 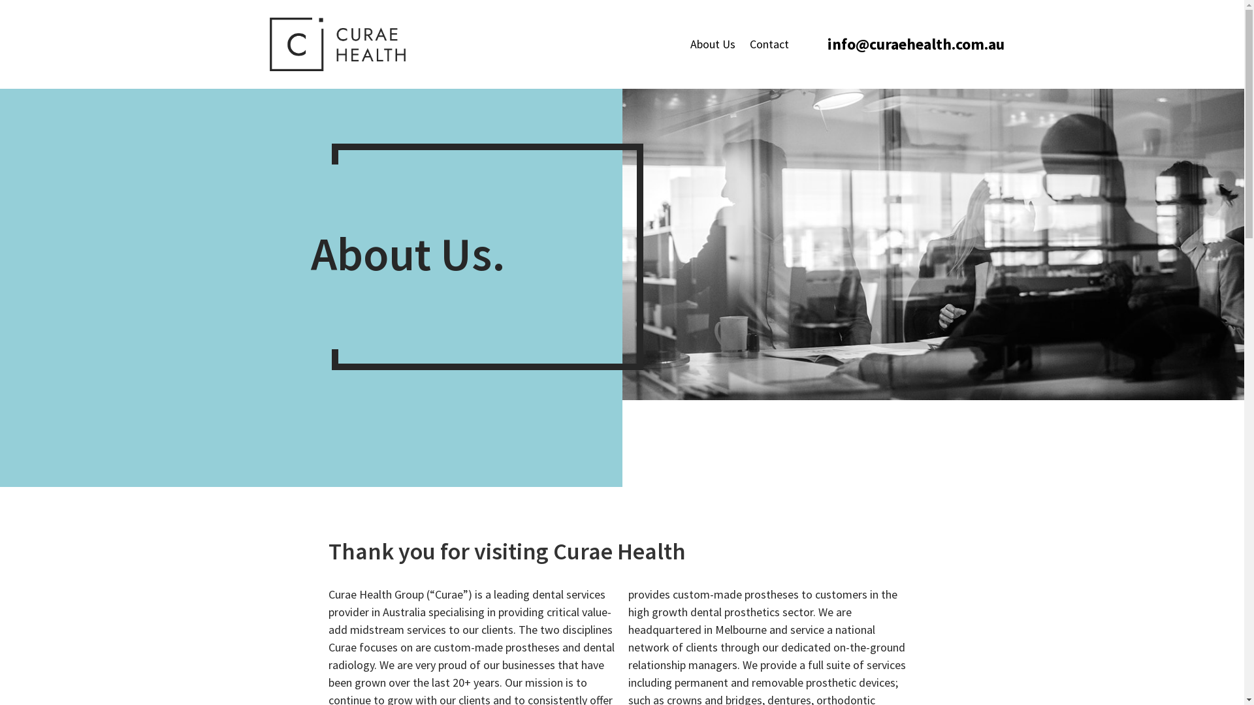 I want to click on 'Contact', so click(x=769, y=44).